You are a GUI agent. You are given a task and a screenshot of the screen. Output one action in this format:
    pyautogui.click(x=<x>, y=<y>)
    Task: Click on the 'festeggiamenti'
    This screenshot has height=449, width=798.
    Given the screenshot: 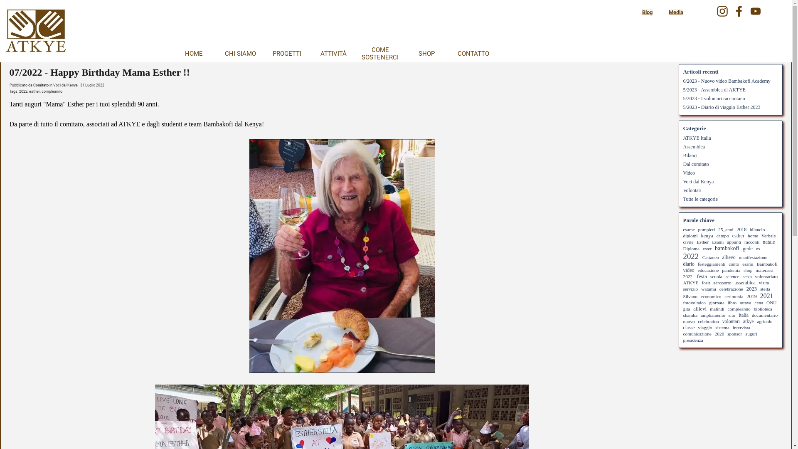 What is the action you would take?
    pyautogui.click(x=711, y=264)
    